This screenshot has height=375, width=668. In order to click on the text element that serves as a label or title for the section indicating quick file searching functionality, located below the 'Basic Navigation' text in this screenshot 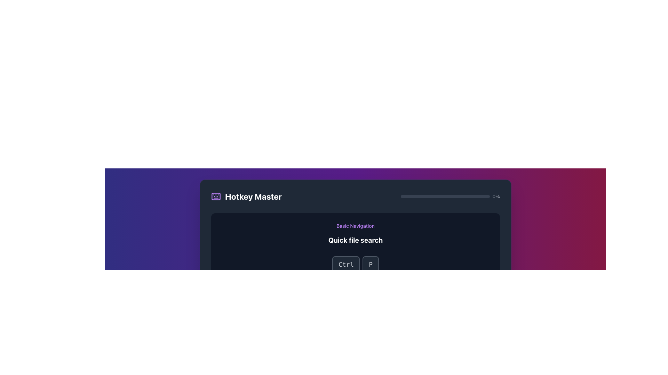, I will do `click(356, 240)`.